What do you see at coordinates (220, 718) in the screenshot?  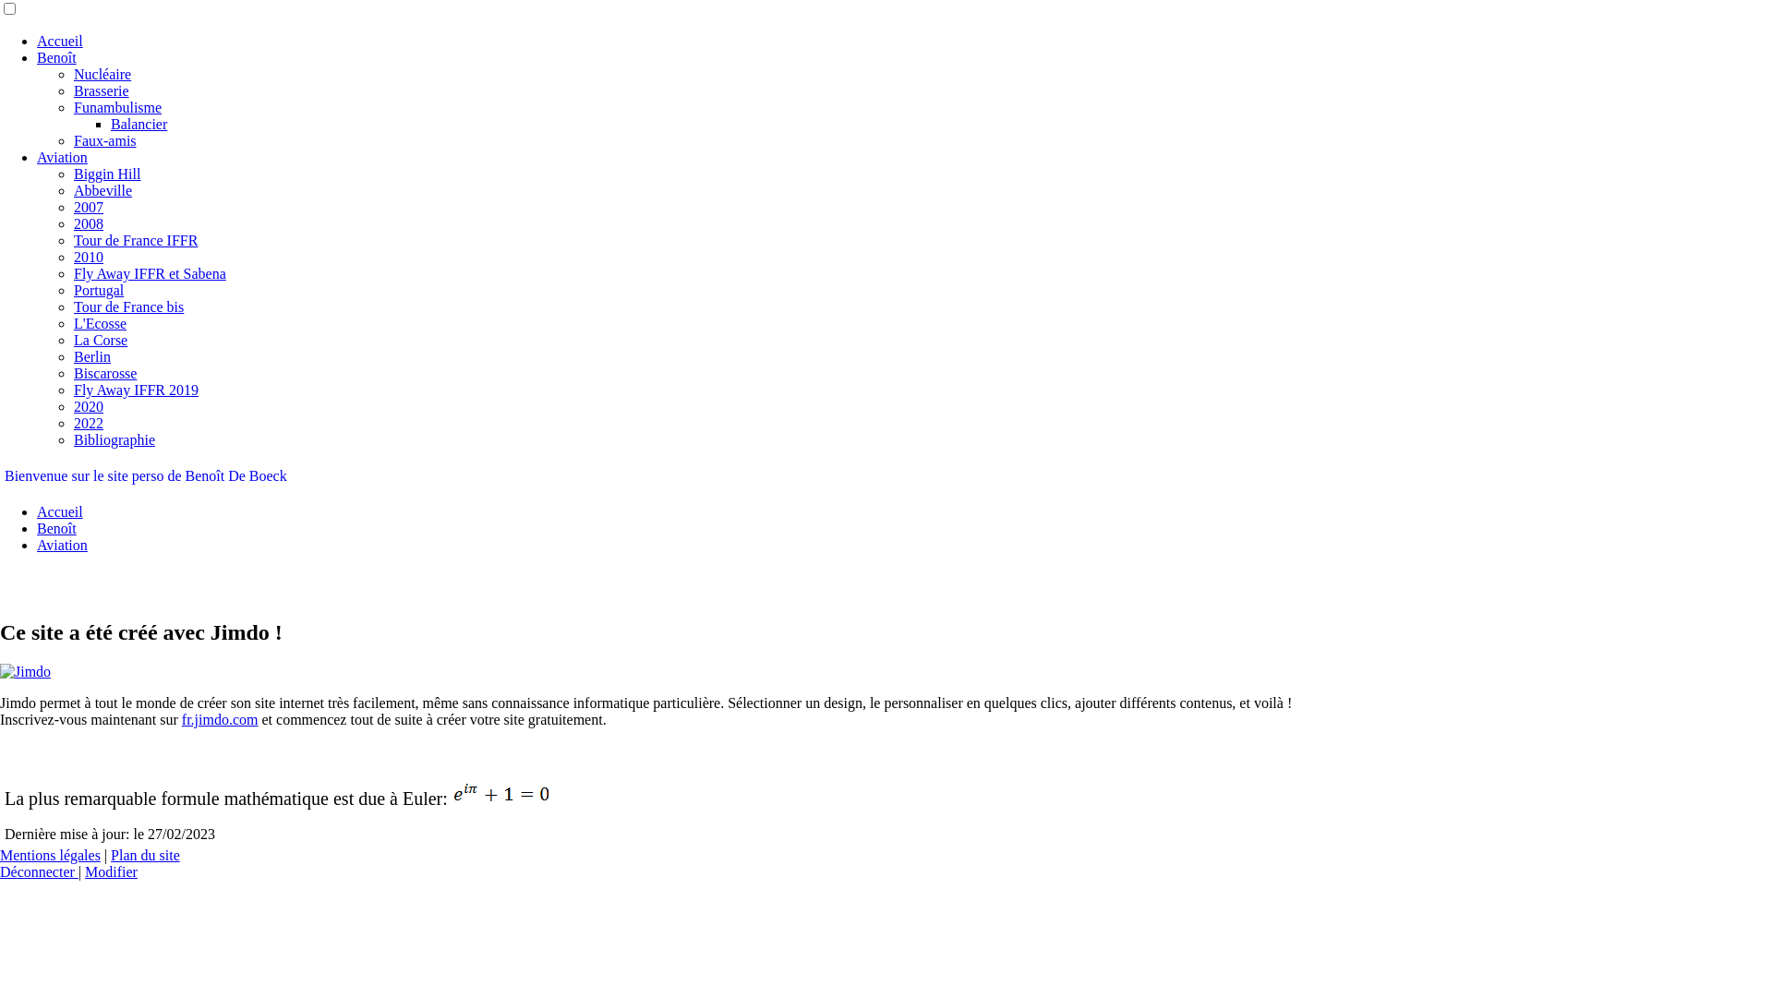 I see `'fr.jimdo.com'` at bounding box center [220, 718].